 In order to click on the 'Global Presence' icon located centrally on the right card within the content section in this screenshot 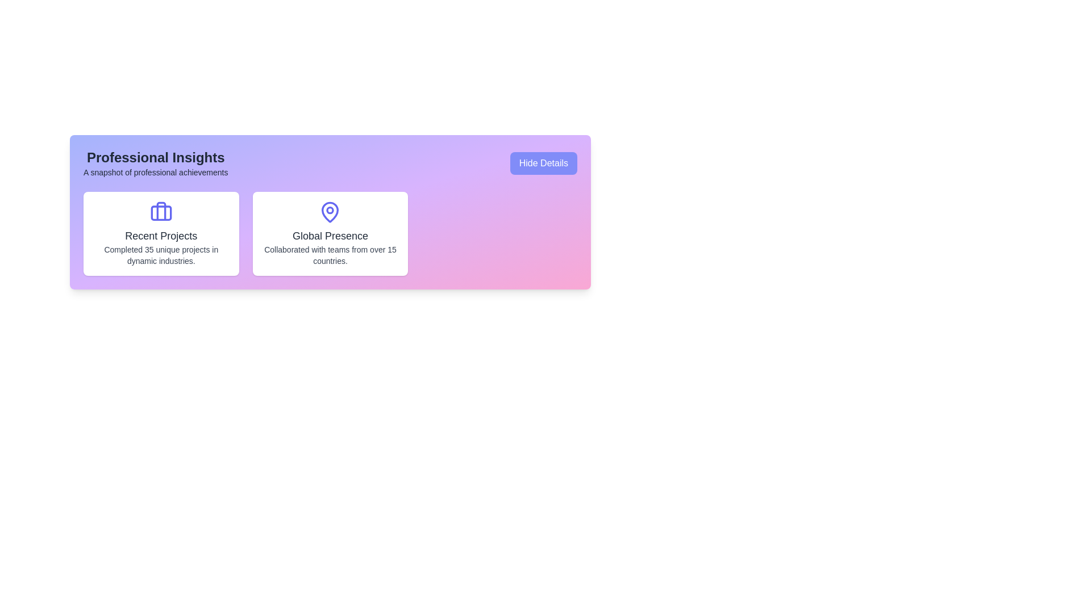, I will do `click(330, 212)`.